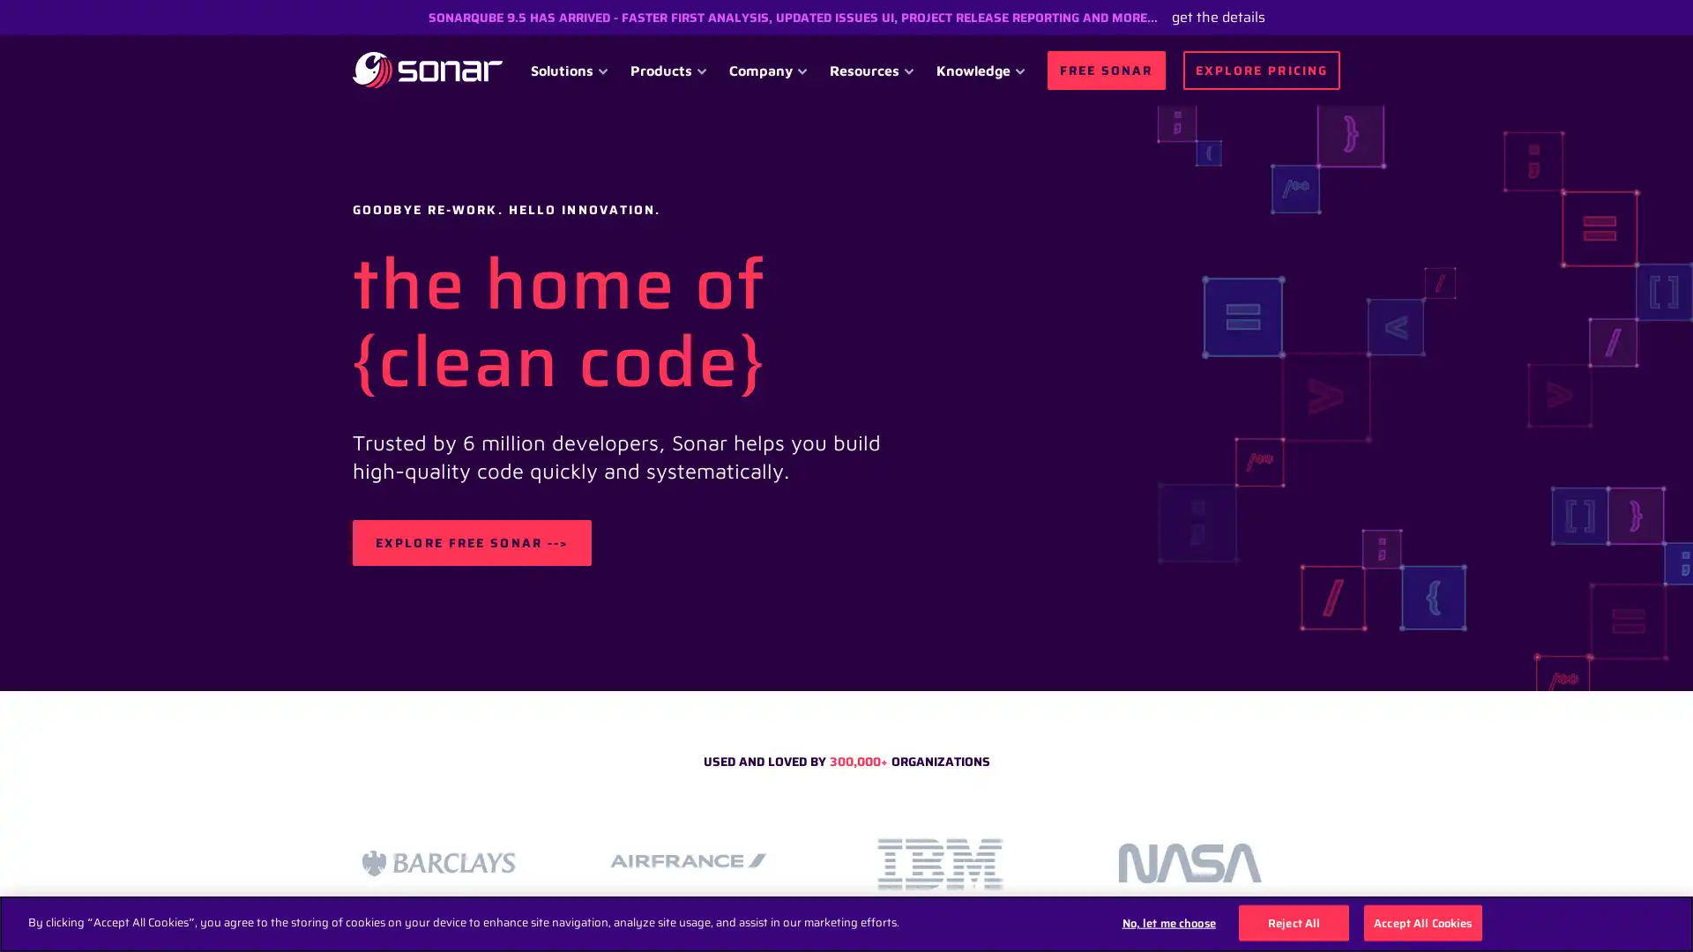 The height and width of the screenshot is (952, 1693). What do you see at coordinates (882, 70) in the screenshot?
I see `Resources` at bounding box center [882, 70].